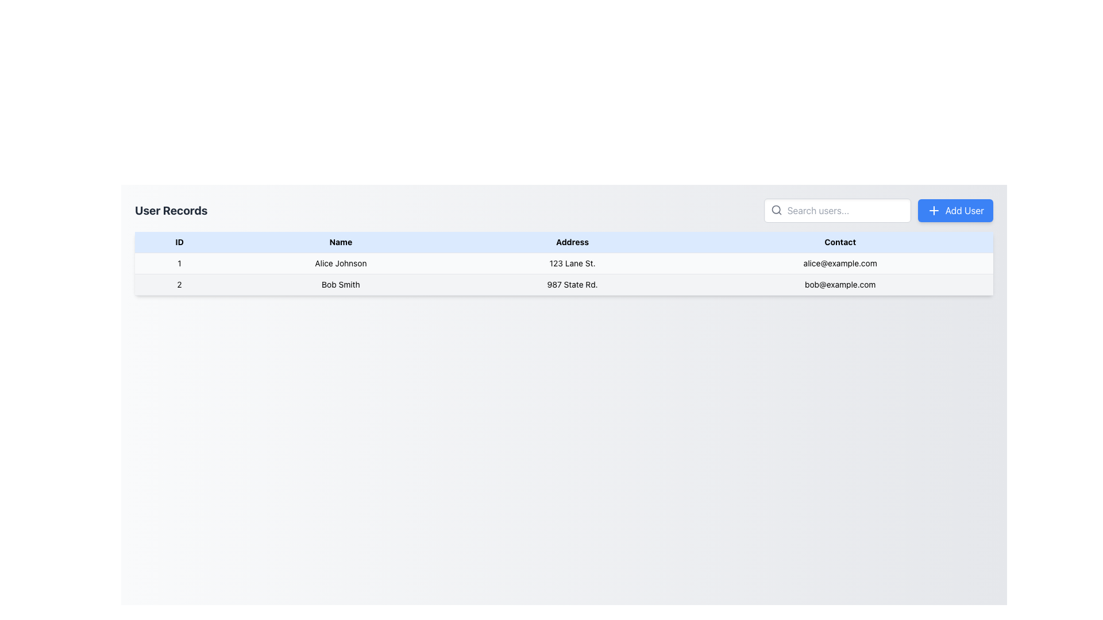 This screenshot has height=620, width=1103. I want to click on the 'Name' column header in the table, so click(340, 242).